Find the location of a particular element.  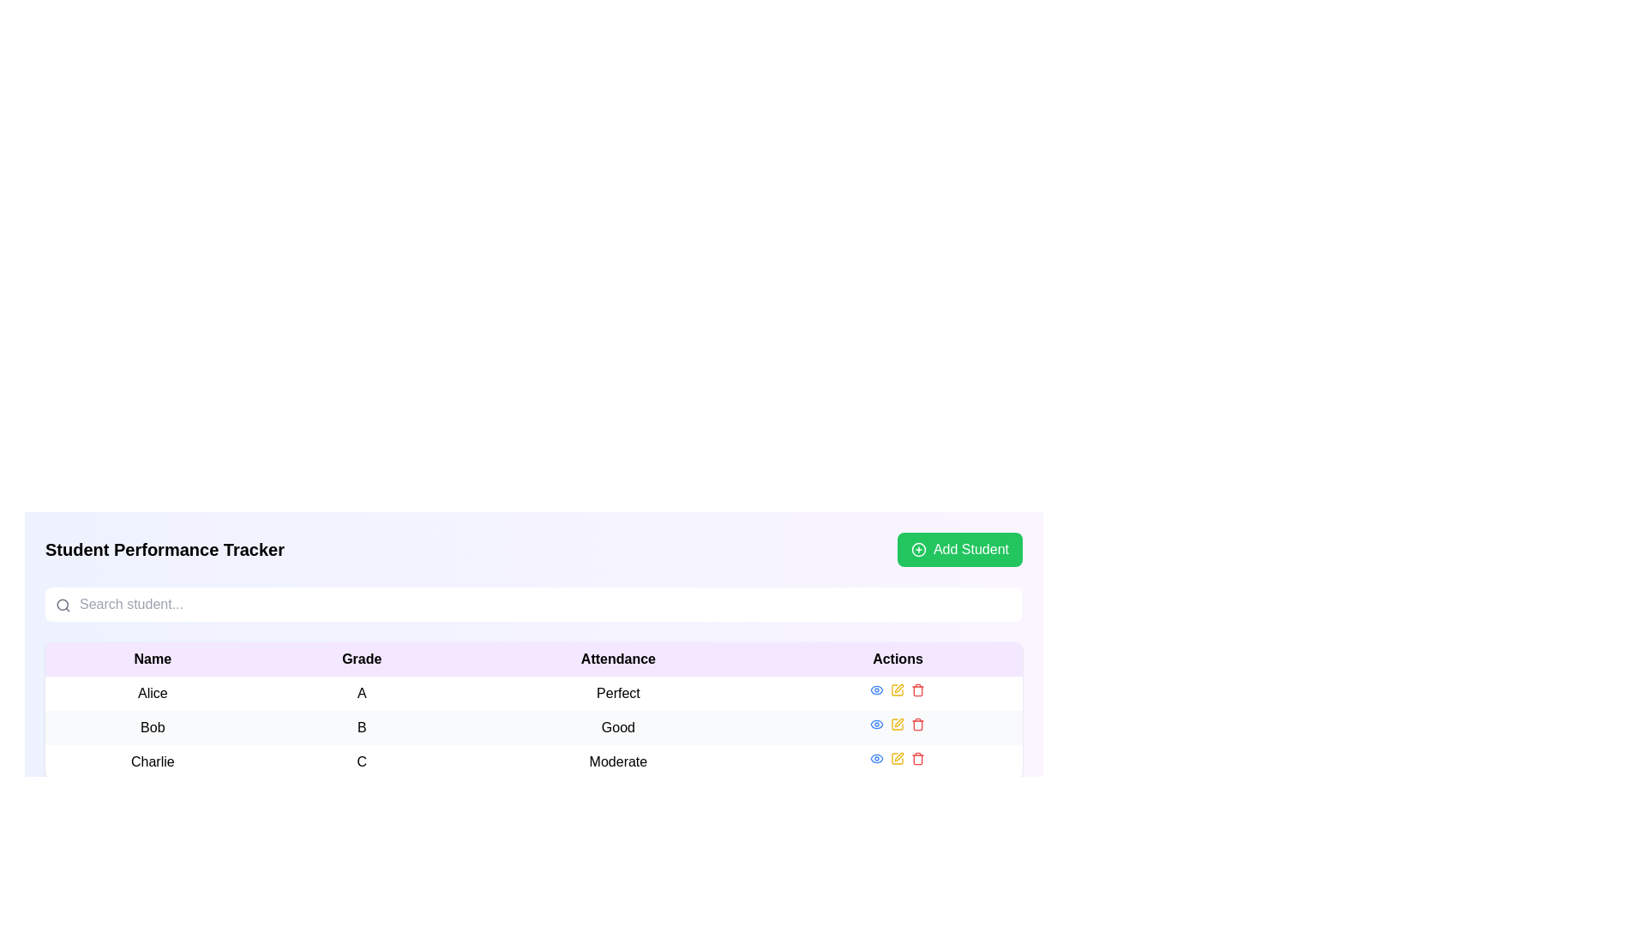

the eye icon in the Actions column of the second row corresponding to 'Bob' in the data table is located at coordinates (877, 689).